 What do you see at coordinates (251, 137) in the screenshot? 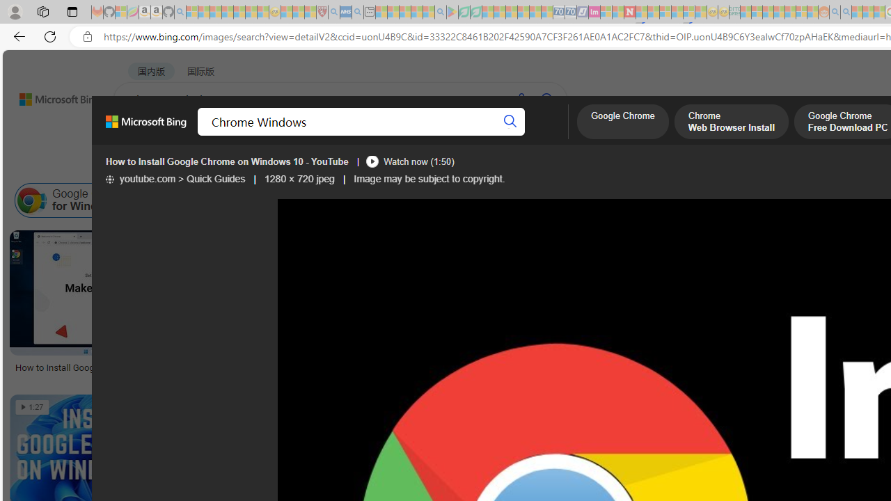
I see `'IMAGES'` at bounding box center [251, 137].